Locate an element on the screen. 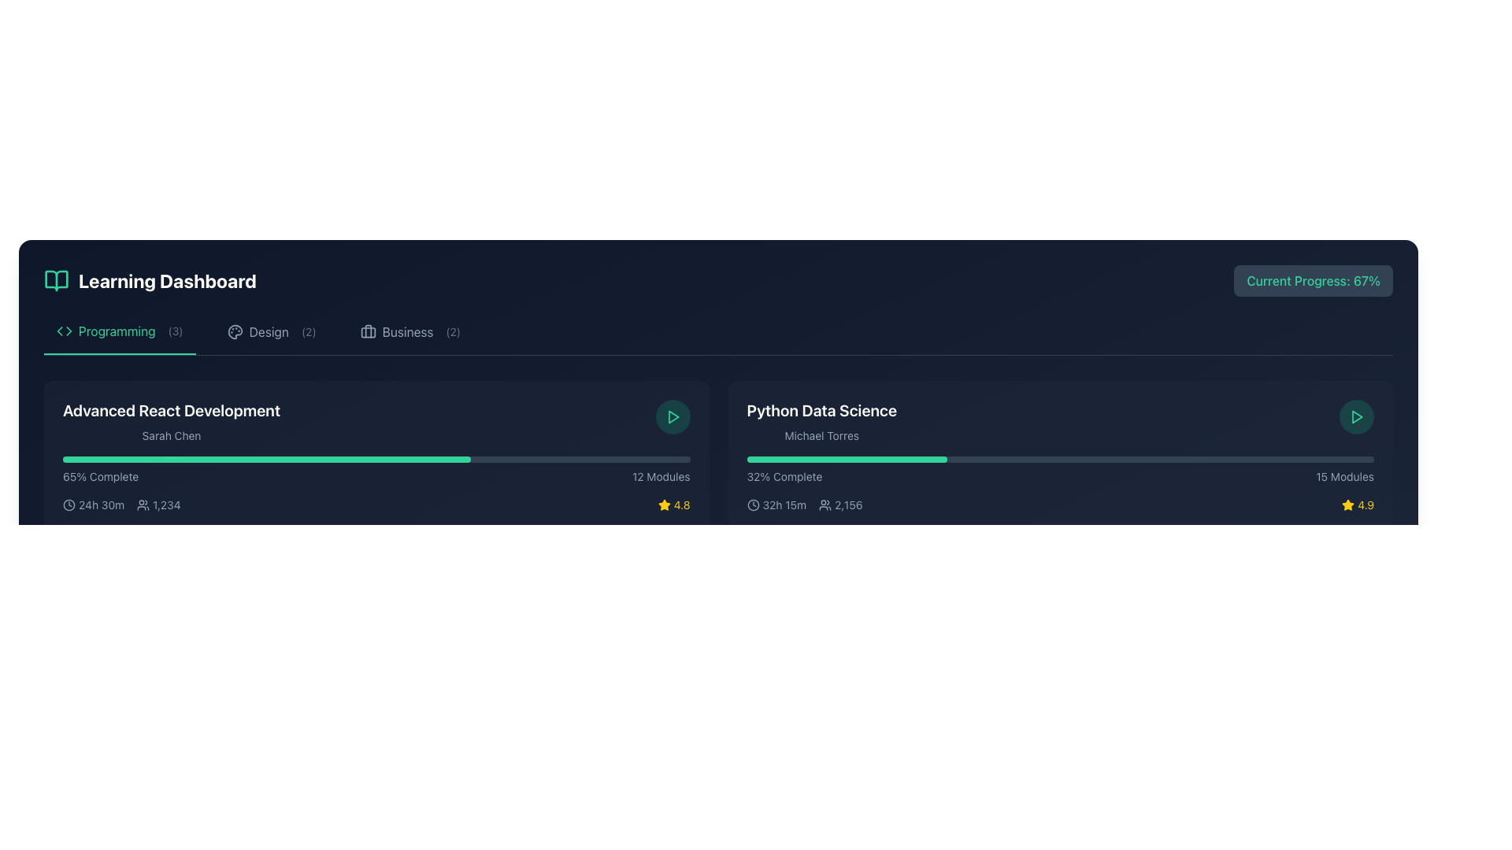 This screenshot has width=1512, height=850. the '12 Modules' text label element, which is styled with a light gray font on a dark background, located at the bottom-right corner of the 'Advanced React Development' course card, adjacent to the '65% Complete' label is located at coordinates (661, 475).